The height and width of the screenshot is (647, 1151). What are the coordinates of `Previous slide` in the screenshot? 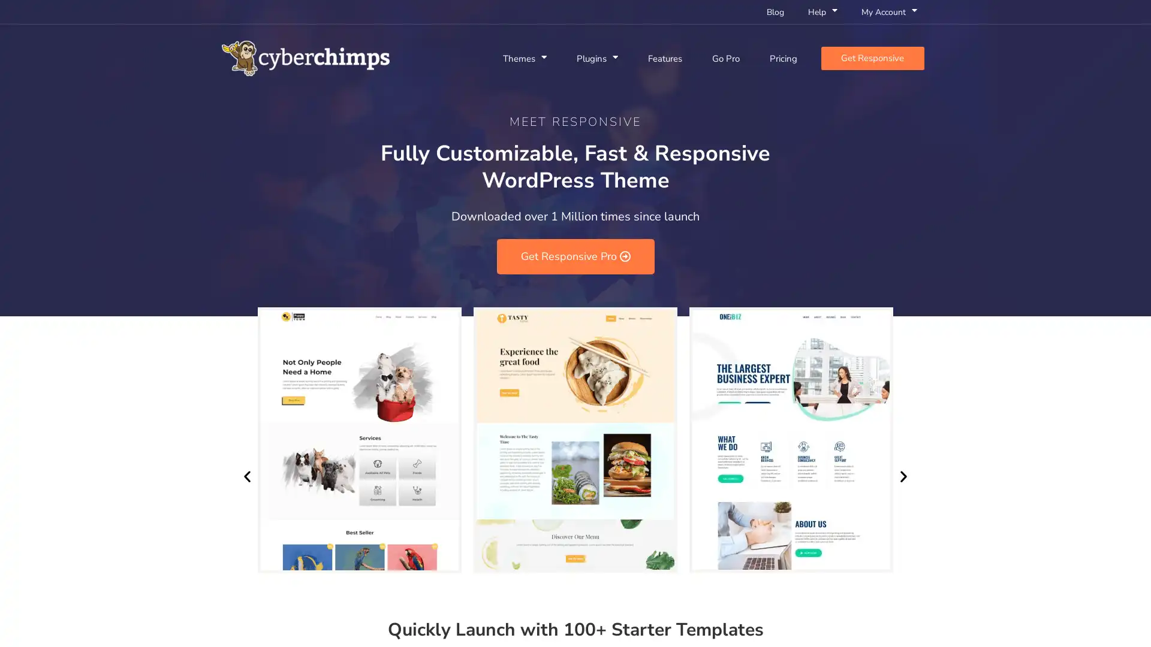 It's located at (246, 475).